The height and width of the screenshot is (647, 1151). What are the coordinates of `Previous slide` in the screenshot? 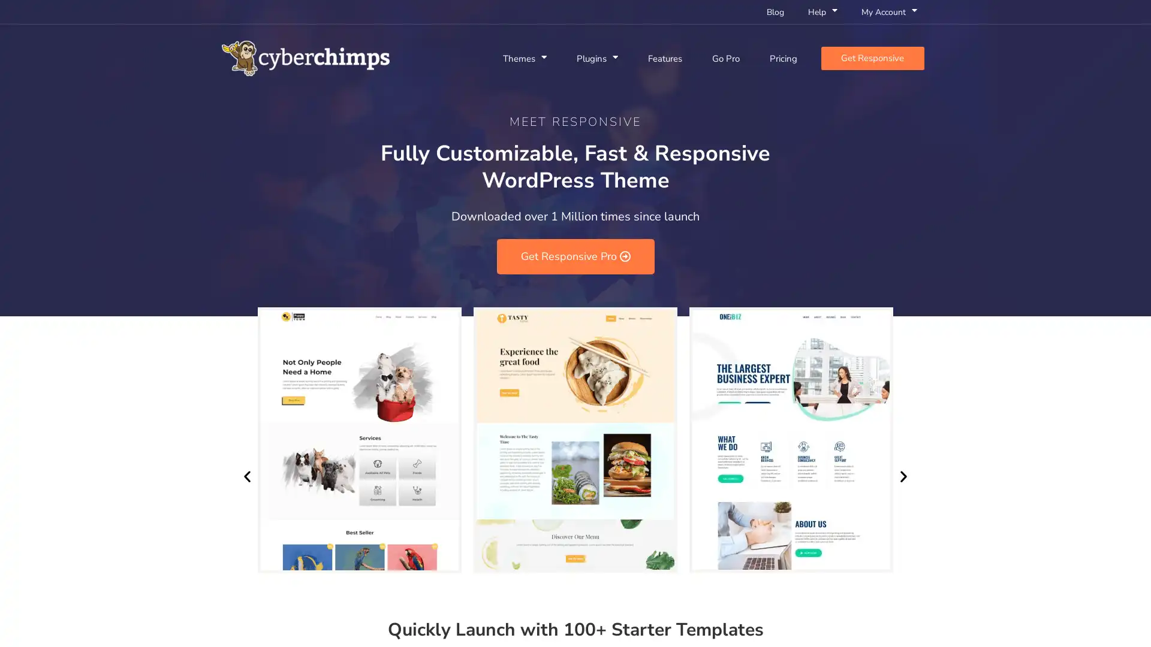 It's located at (246, 475).